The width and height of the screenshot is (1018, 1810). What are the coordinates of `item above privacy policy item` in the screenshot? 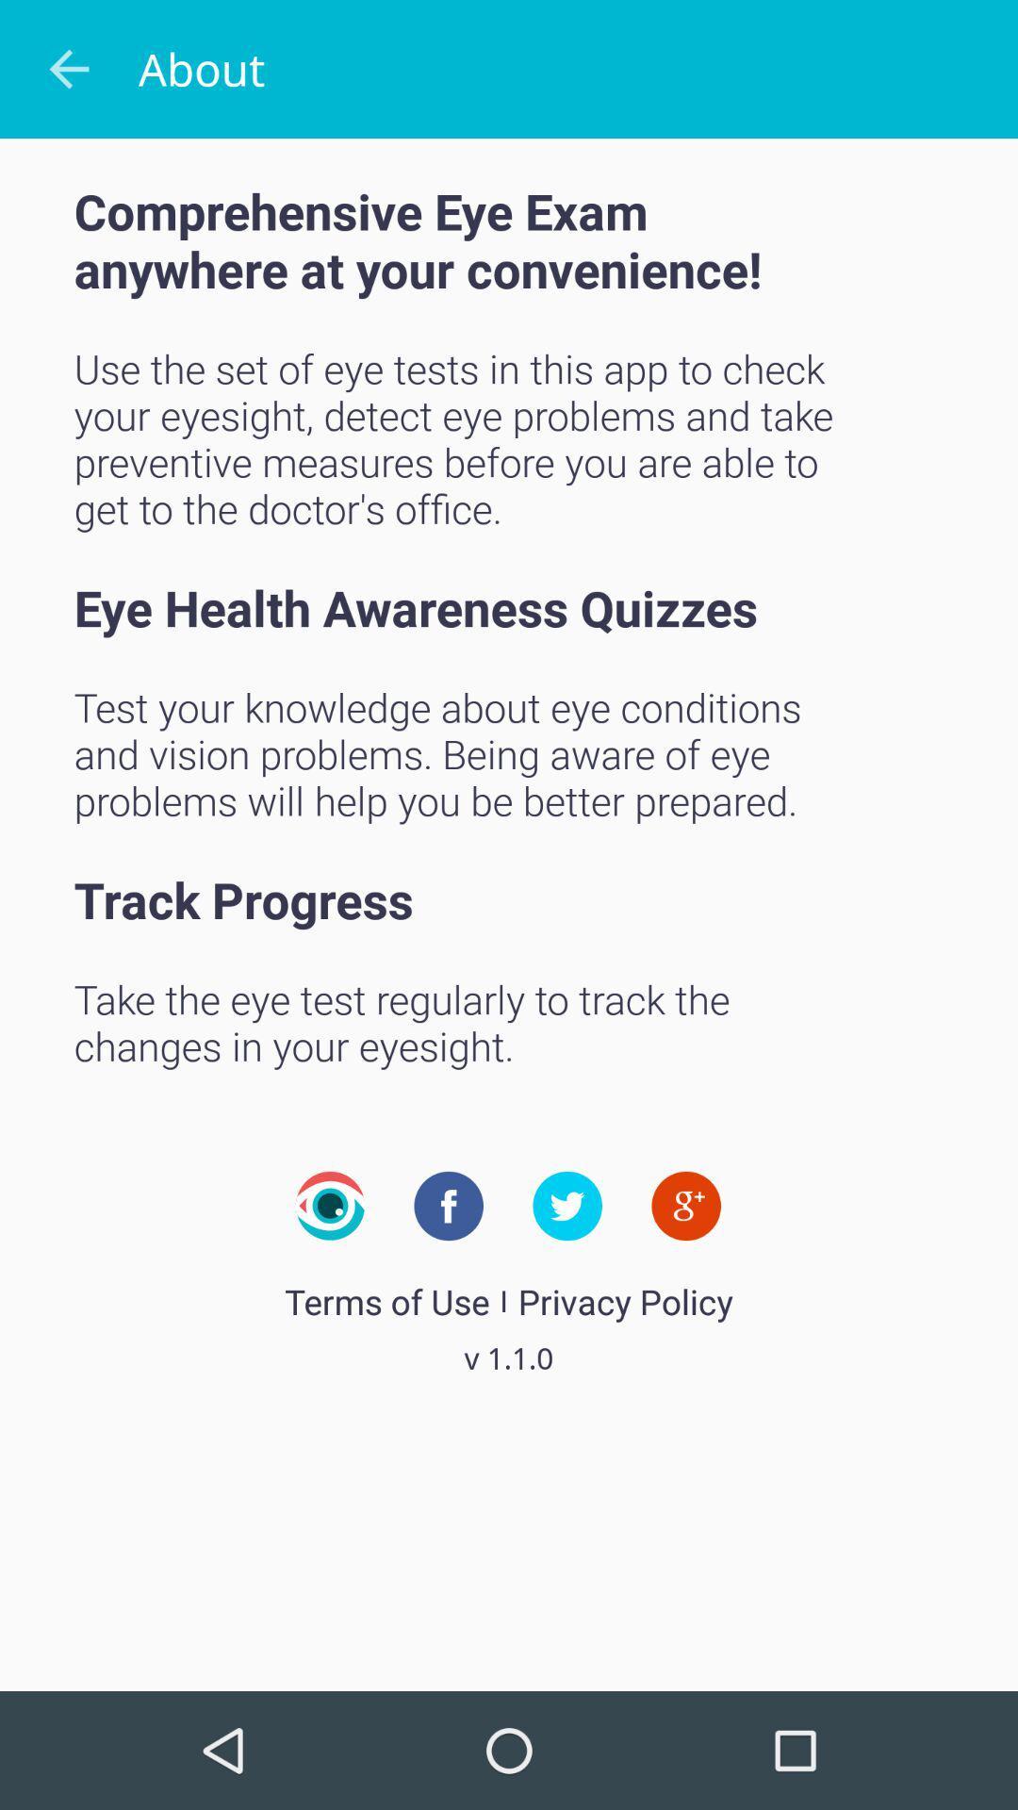 It's located at (686, 1205).